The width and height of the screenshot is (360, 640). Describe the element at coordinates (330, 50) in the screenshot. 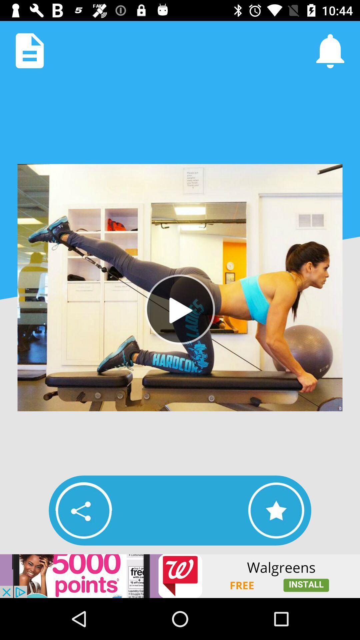

I see `the notifications icon` at that location.